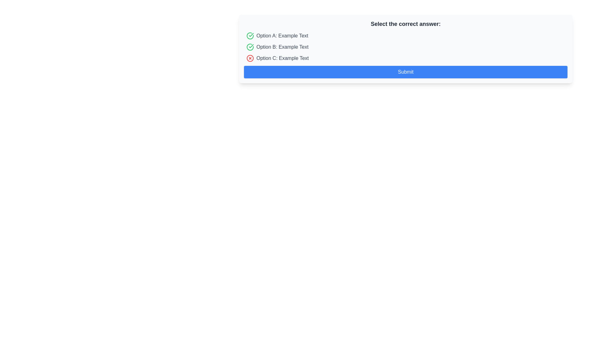 This screenshot has height=337, width=599. Describe the element at coordinates (250, 36) in the screenshot. I see `the circular segment of the green check mark icon, which is part of an SVG graphic located above the text 'Option B: Example Text'` at that location.